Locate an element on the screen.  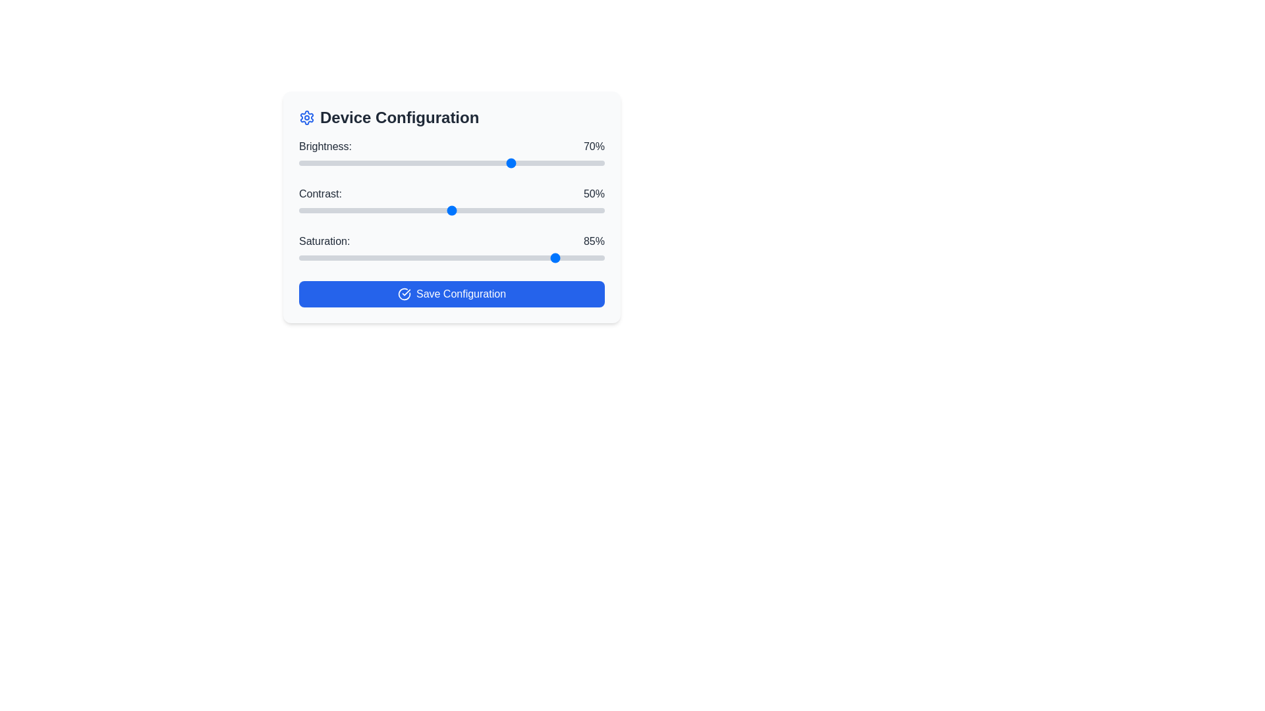
saturation is located at coordinates (592, 258).